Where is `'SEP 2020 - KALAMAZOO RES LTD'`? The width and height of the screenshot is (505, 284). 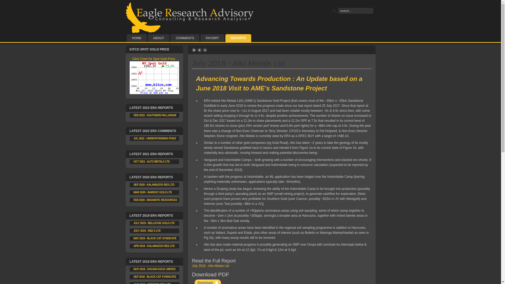 'SEP 2020 - KALAMAZOO RES LTD' is located at coordinates (154, 184).